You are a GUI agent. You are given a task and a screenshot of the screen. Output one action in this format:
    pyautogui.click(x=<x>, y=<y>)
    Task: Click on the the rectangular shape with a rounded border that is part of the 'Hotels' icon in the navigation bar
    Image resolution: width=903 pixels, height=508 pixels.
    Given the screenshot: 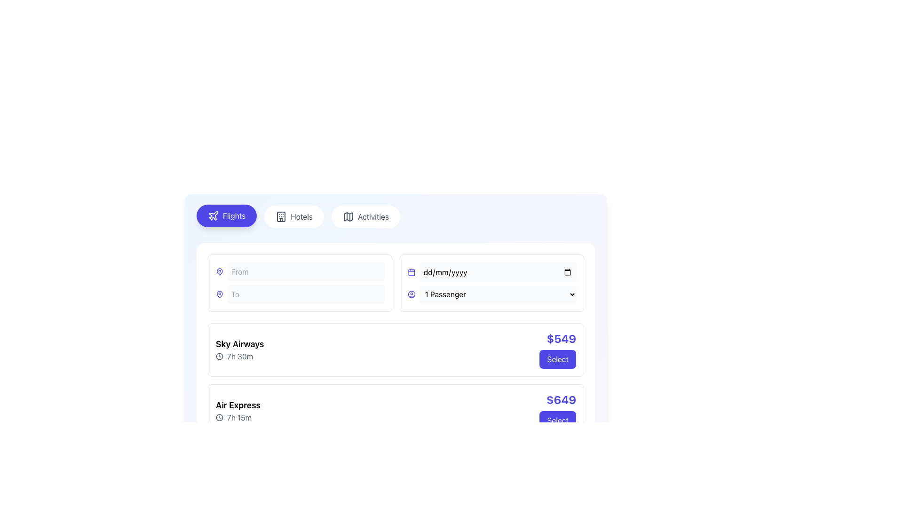 What is the action you would take?
    pyautogui.click(x=281, y=217)
    